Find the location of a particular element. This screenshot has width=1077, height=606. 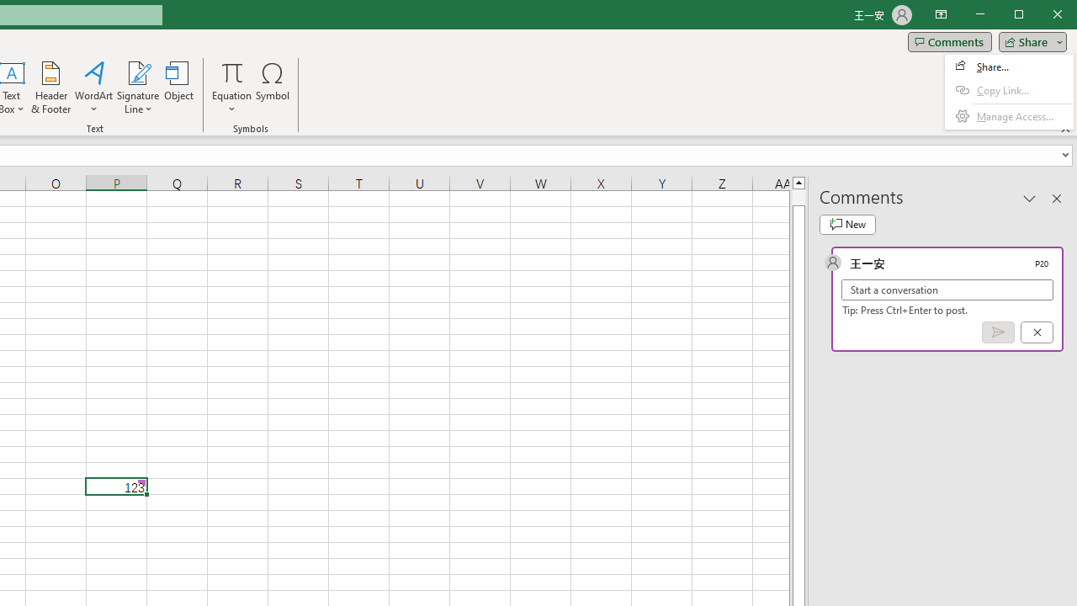

'Cancel' is located at coordinates (1036, 332).